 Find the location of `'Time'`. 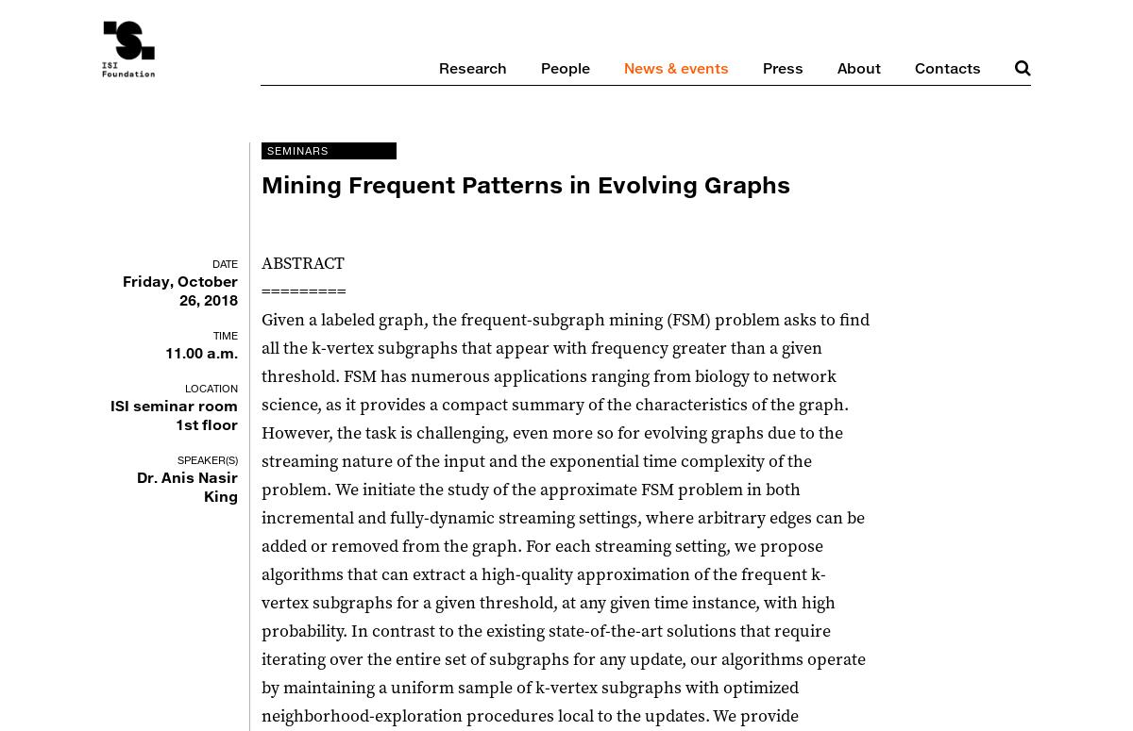

'Time' is located at coordinates (225, 335).